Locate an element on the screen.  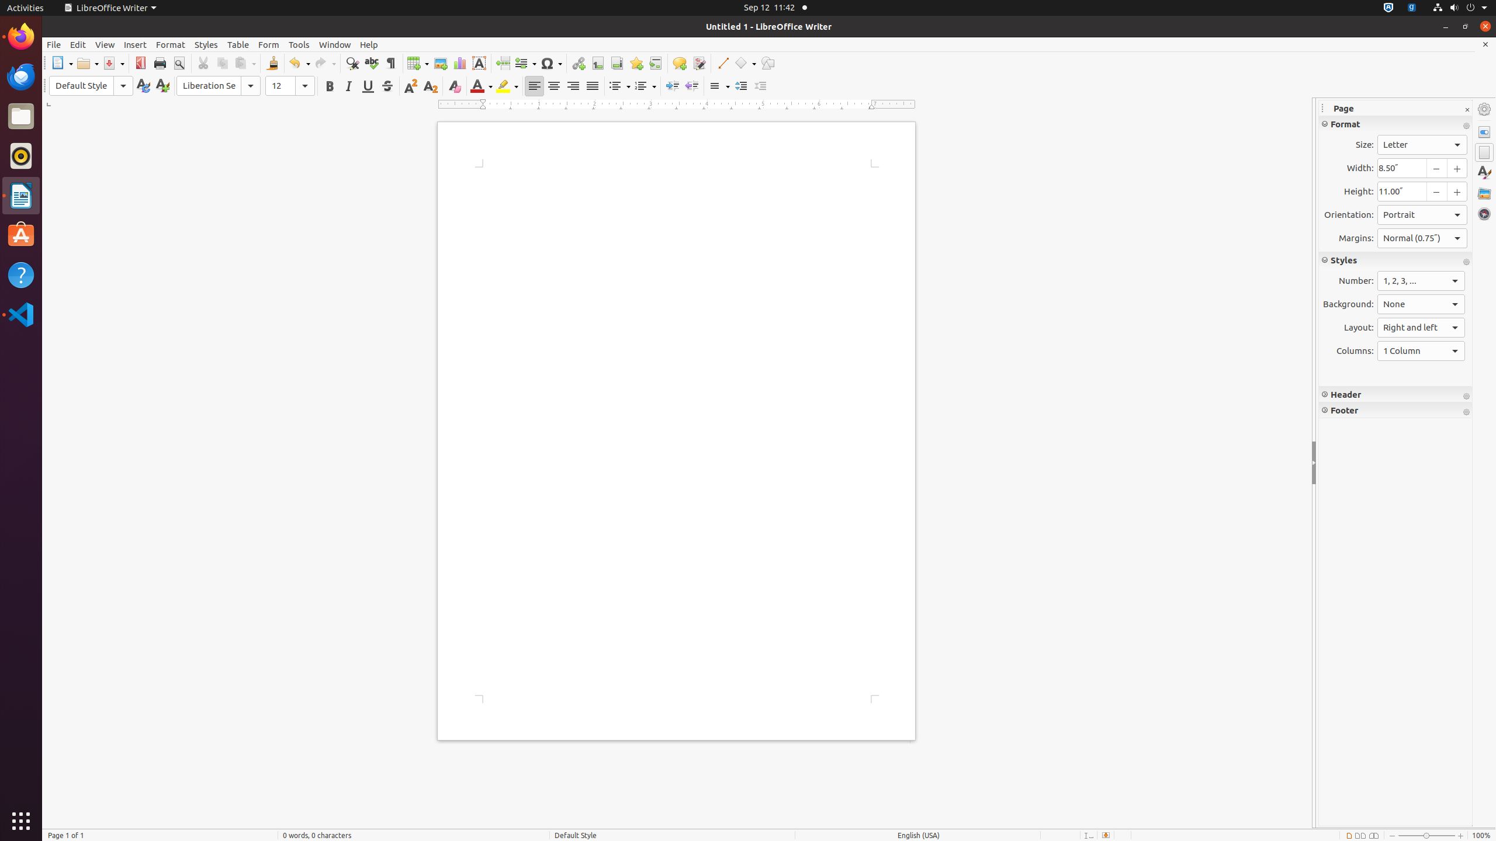
'Hyperlink' is located at coordinates (577, 62).